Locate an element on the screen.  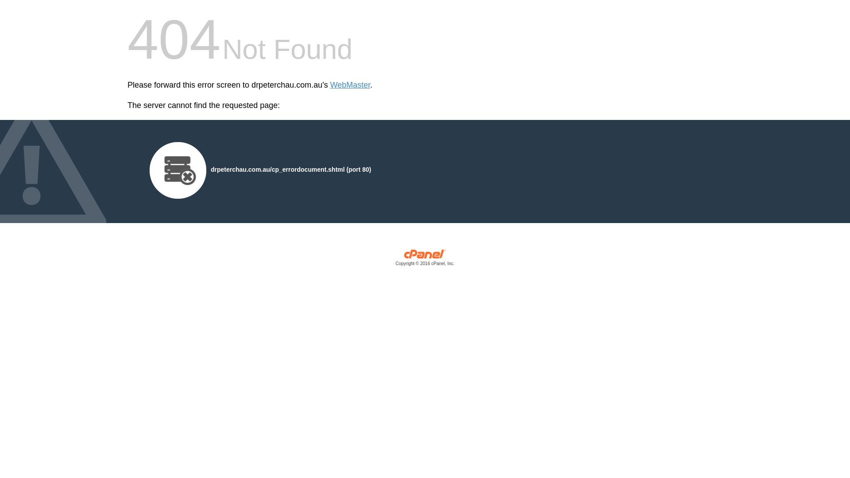
'WebMaster' is located at coordinates (350, 85).